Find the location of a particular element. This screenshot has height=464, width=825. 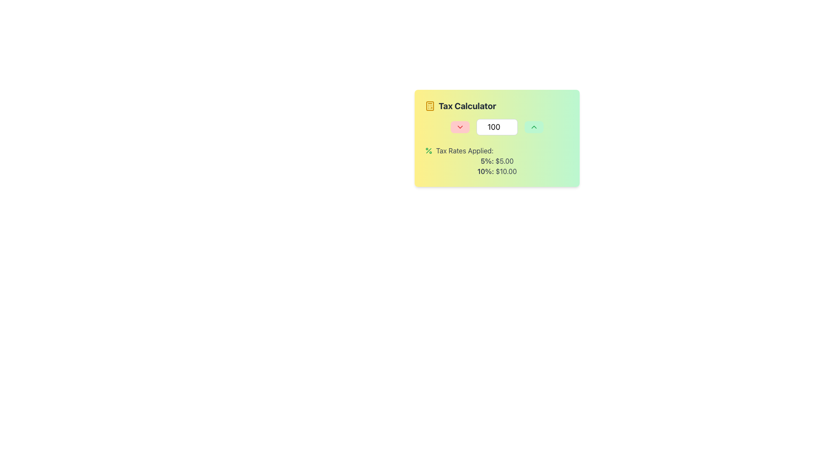

the static text label indicating the tax percentage value, which is located within the 'Tax Rates Applied:' section and displays '5%: $5.00' is located at coordinates (488, 161).